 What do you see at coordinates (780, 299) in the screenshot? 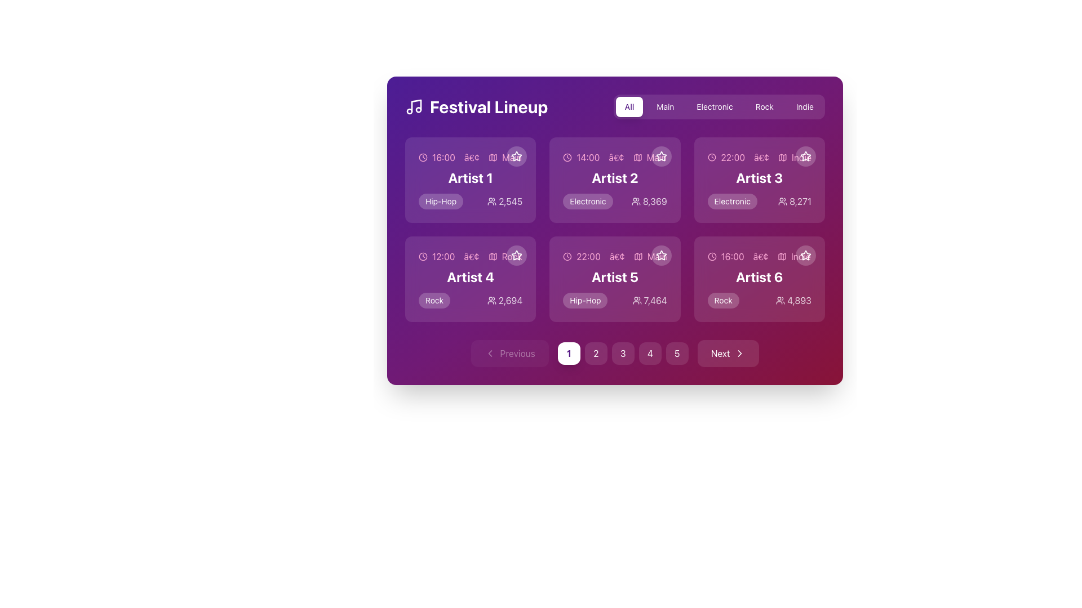
I see `the icon representing user engagements for 'Artist 6' located in the bottom right section of the main grid layout` at bounding box center [780, 299].